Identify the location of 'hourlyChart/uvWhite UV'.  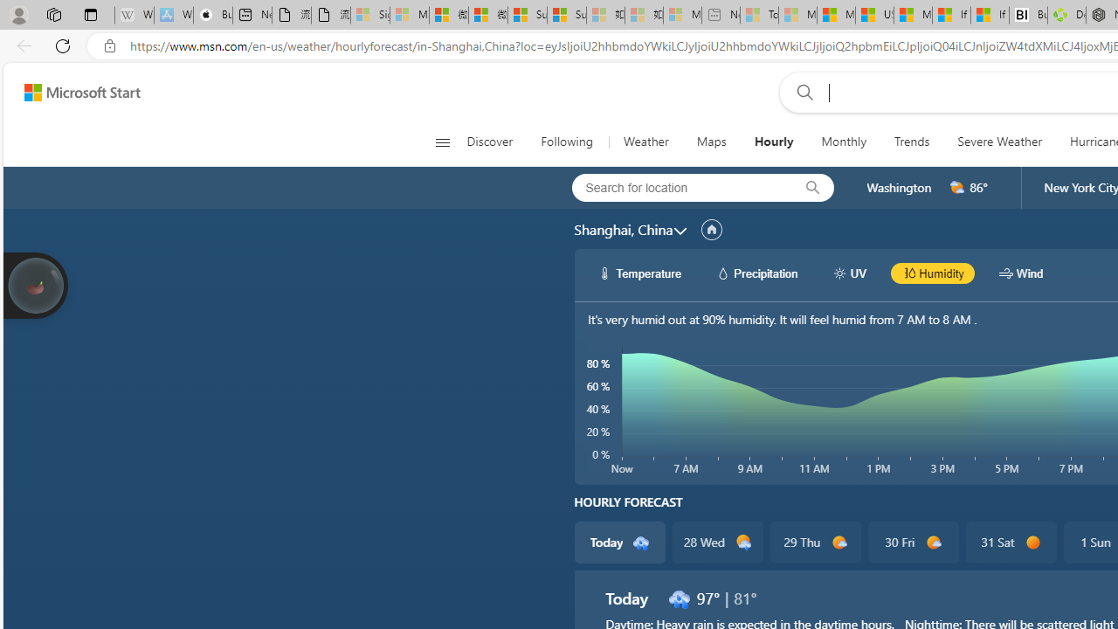
(849, 273).